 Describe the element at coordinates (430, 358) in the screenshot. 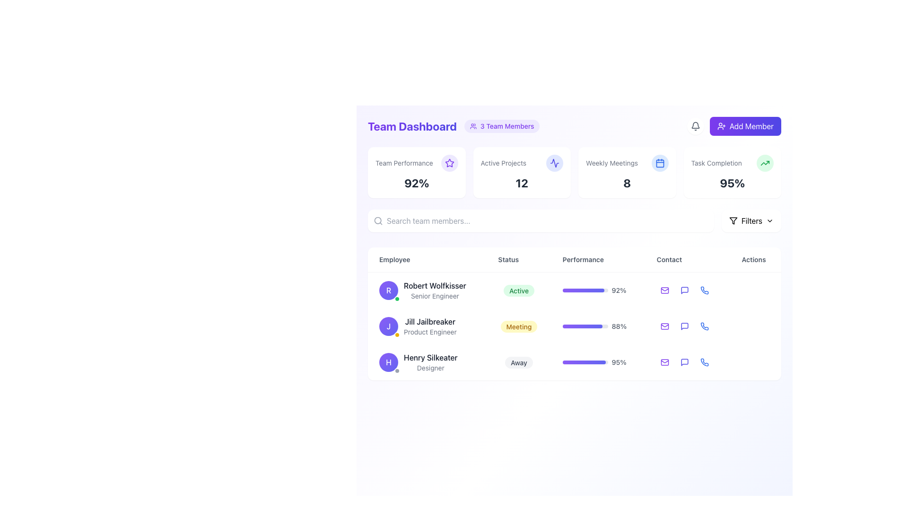

I see `on the name 'Henry Silkeater' displayed in the employee list, located in the third row under the 'Employee' column` at that location.